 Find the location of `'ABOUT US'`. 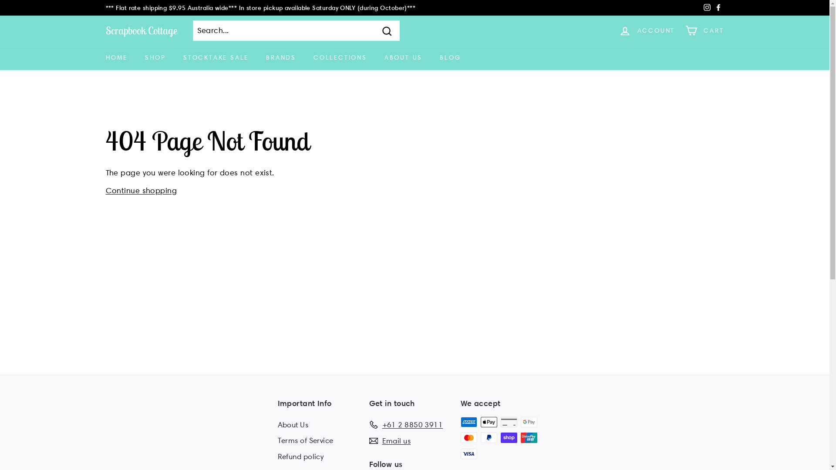

'ABOUT US' is located at coordinates (403, 57).